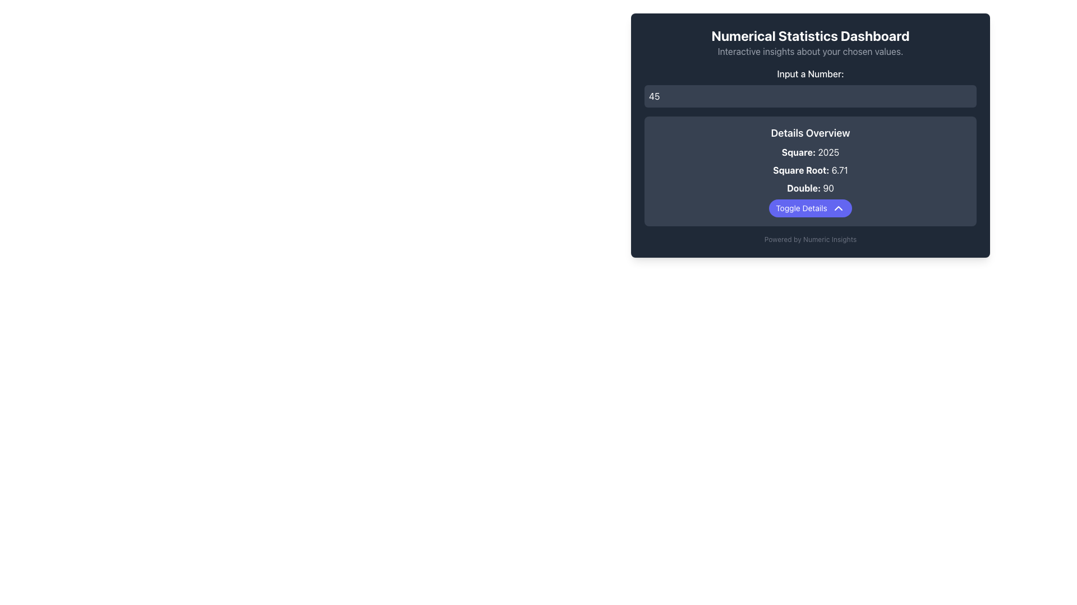  I want to click on the Text Label that indicates the significance of the adjacent data ('6.71'), located in the 'Details Overview' section, below the 'Square: 2025' label and above the 'Double: 90' label, so click(800, 170).